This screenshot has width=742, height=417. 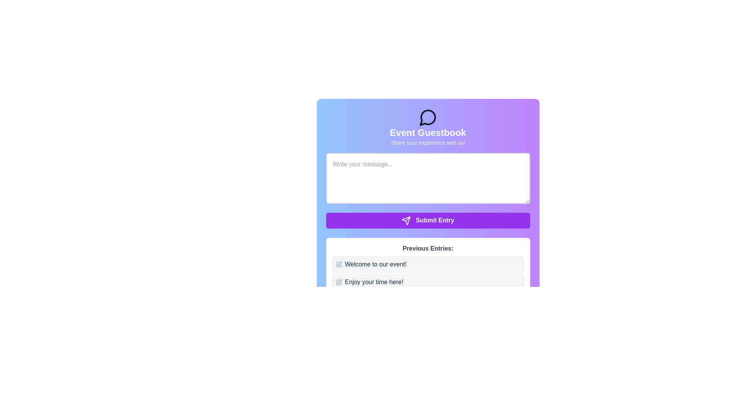 What do you see at coordinates (339, 282) in the screenshot?
I see `the pen icon located to the left of the text 'Enjoy your time here!'` at bounding box center [339, 282].